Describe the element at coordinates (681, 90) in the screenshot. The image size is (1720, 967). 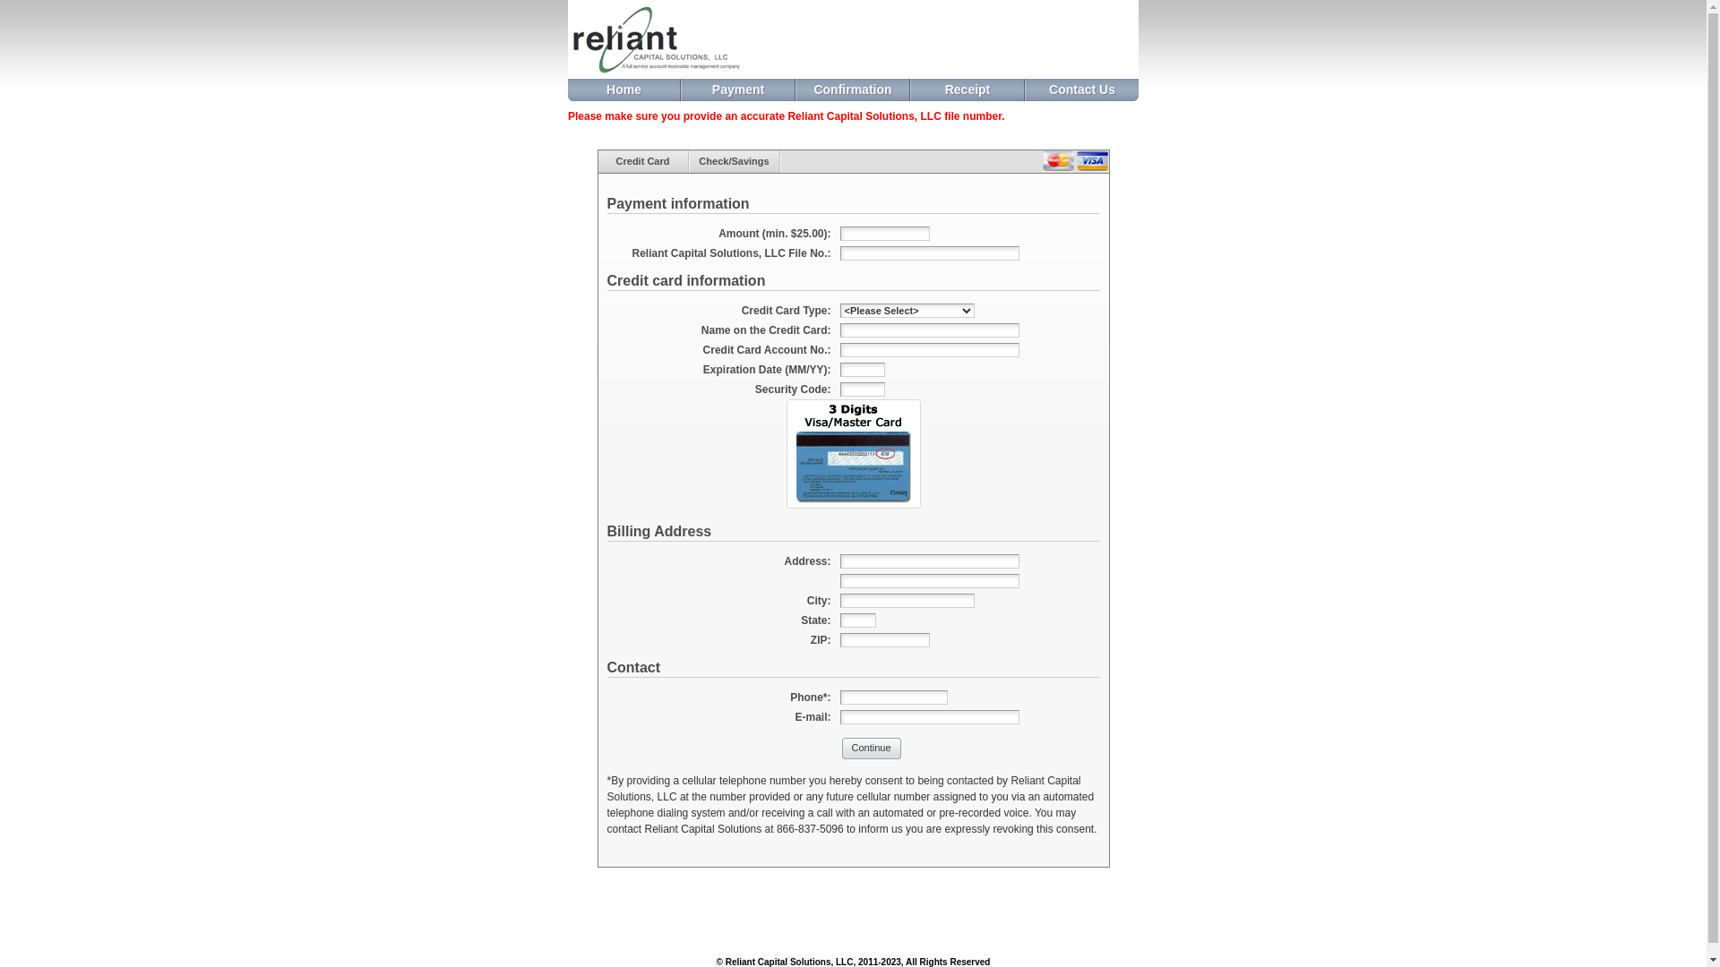
I see `'Payment'` at that location.